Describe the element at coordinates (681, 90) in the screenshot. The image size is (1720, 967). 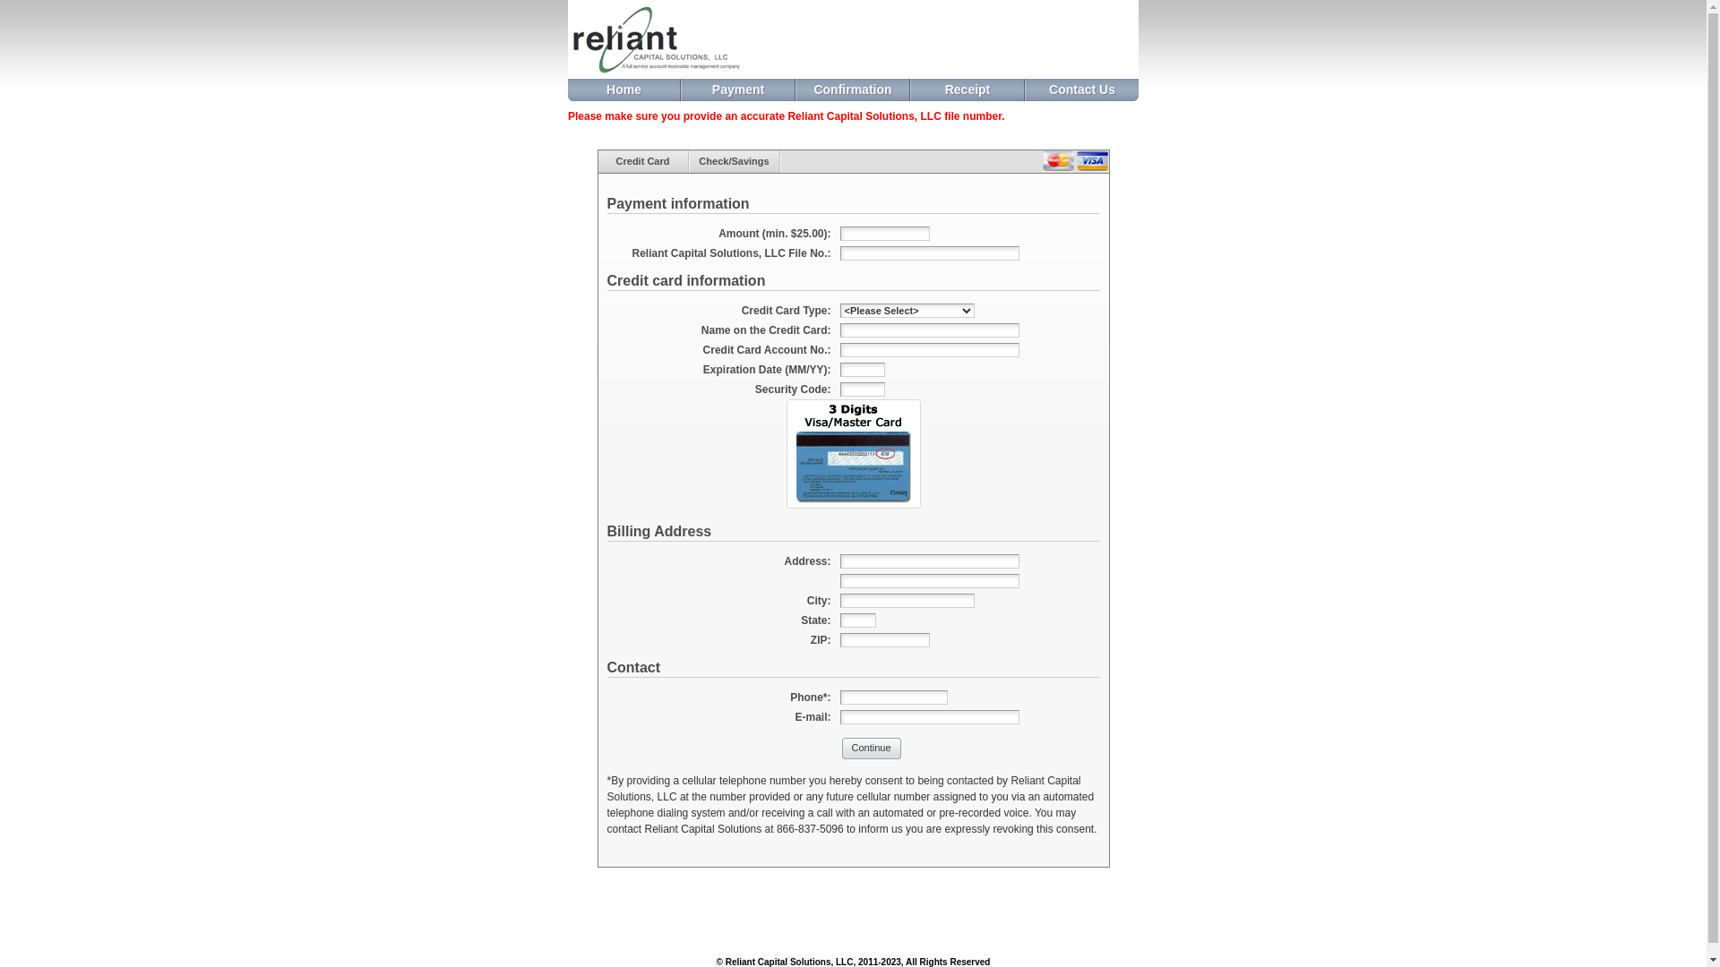
I see `'Payment'` at that location.